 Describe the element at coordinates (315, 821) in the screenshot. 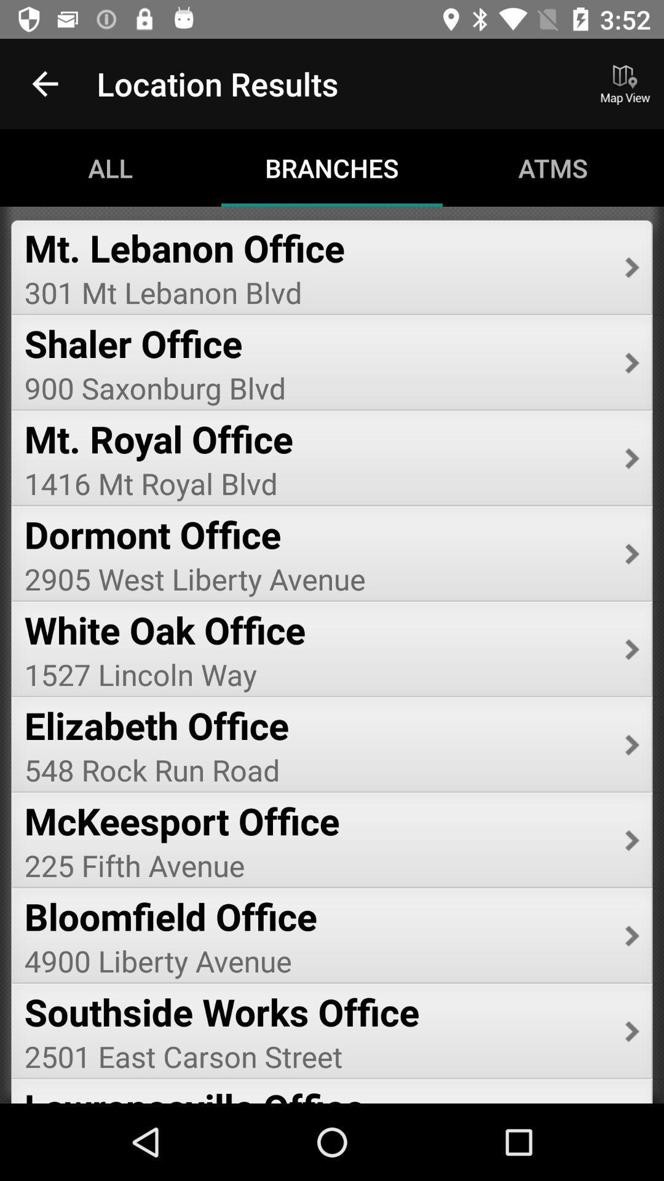

I see `the item above the 225 fifth avenue item` at that location.